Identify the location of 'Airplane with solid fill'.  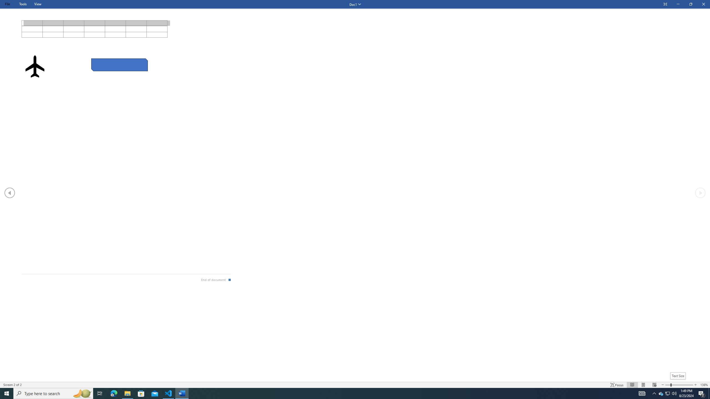
(35, 66).